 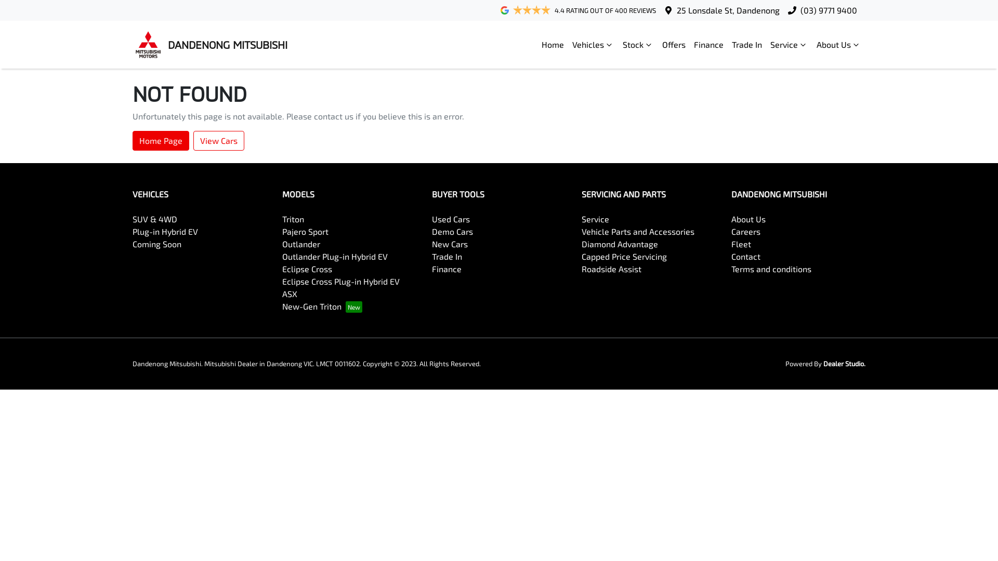 I want to click on 'DANDENONG MITSUBISHI', so click(x=209, y=44).